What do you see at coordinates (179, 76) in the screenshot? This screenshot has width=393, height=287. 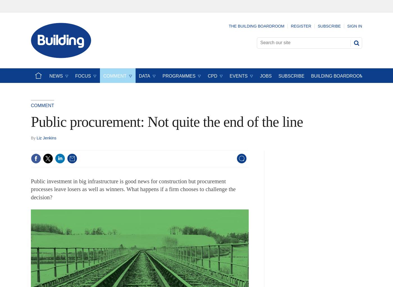 I see `'Programmes'` at bounding box center [179, 76].